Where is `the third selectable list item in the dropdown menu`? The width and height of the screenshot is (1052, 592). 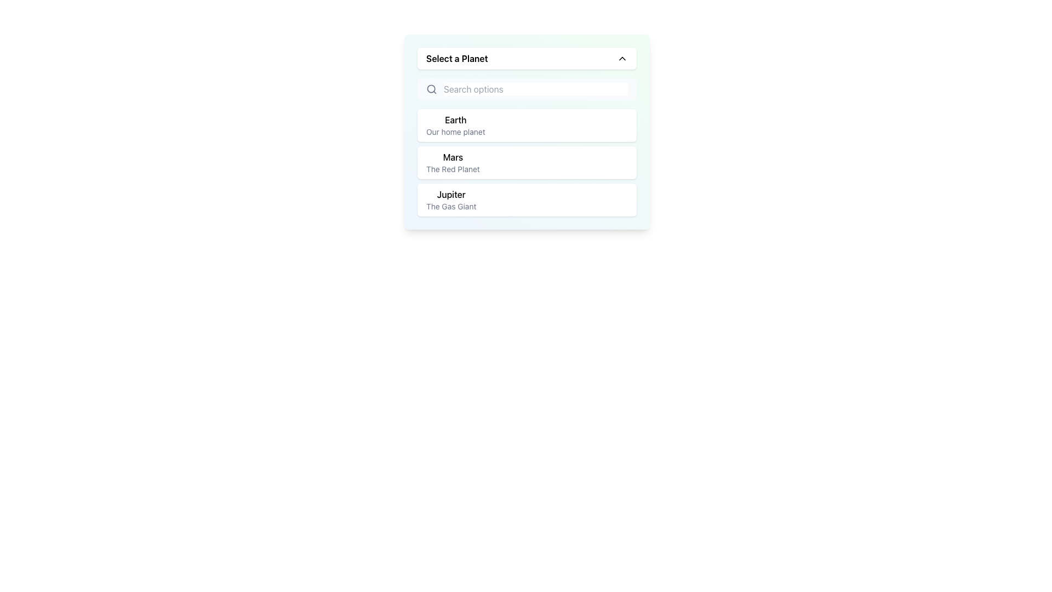
the third selectable list item in the dropdown menu is located at coordinates (527, 200).